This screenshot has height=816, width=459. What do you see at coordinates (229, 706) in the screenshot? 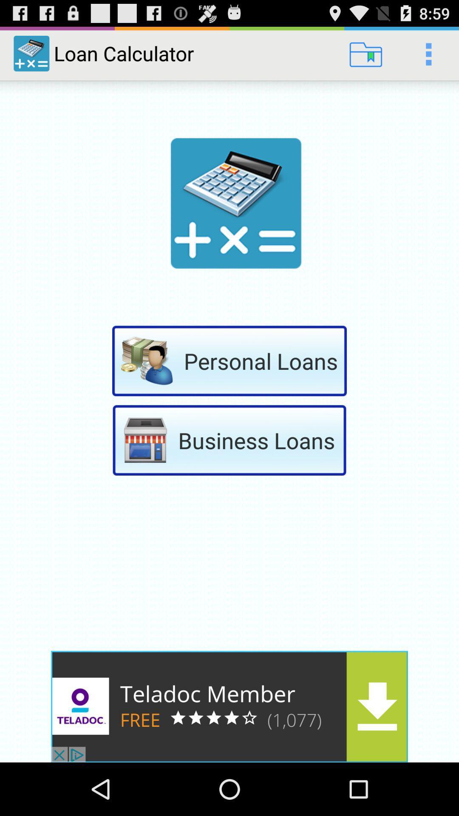
I see `advertisement bar` at bounding box center [229, 706].